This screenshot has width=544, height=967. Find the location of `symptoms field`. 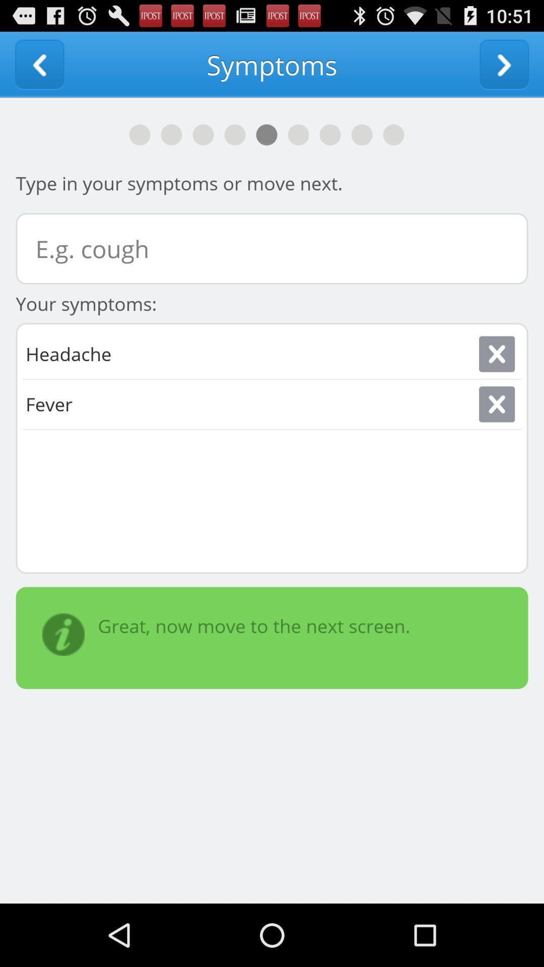

symptoms field is located at coordinates (272, 248).